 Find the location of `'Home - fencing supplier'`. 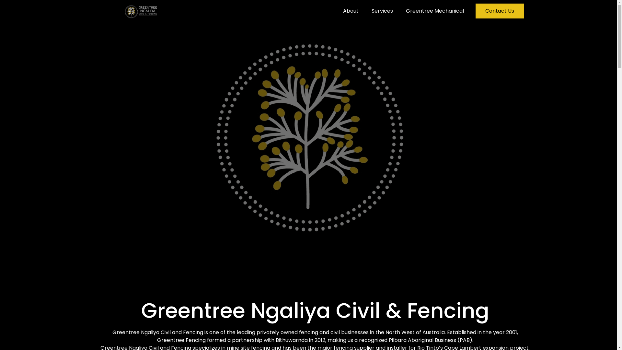

'Home - fencing supplier' is located at coordinates (308, 134).